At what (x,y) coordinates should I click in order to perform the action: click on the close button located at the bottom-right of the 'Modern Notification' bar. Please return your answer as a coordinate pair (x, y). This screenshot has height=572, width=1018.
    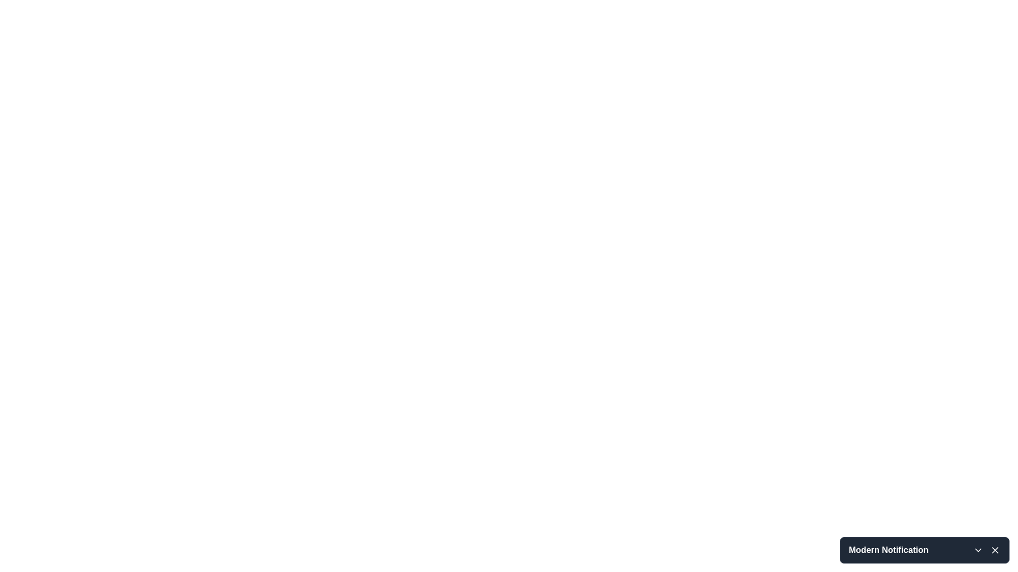
    Looking at the image, I should click on (994, 549).